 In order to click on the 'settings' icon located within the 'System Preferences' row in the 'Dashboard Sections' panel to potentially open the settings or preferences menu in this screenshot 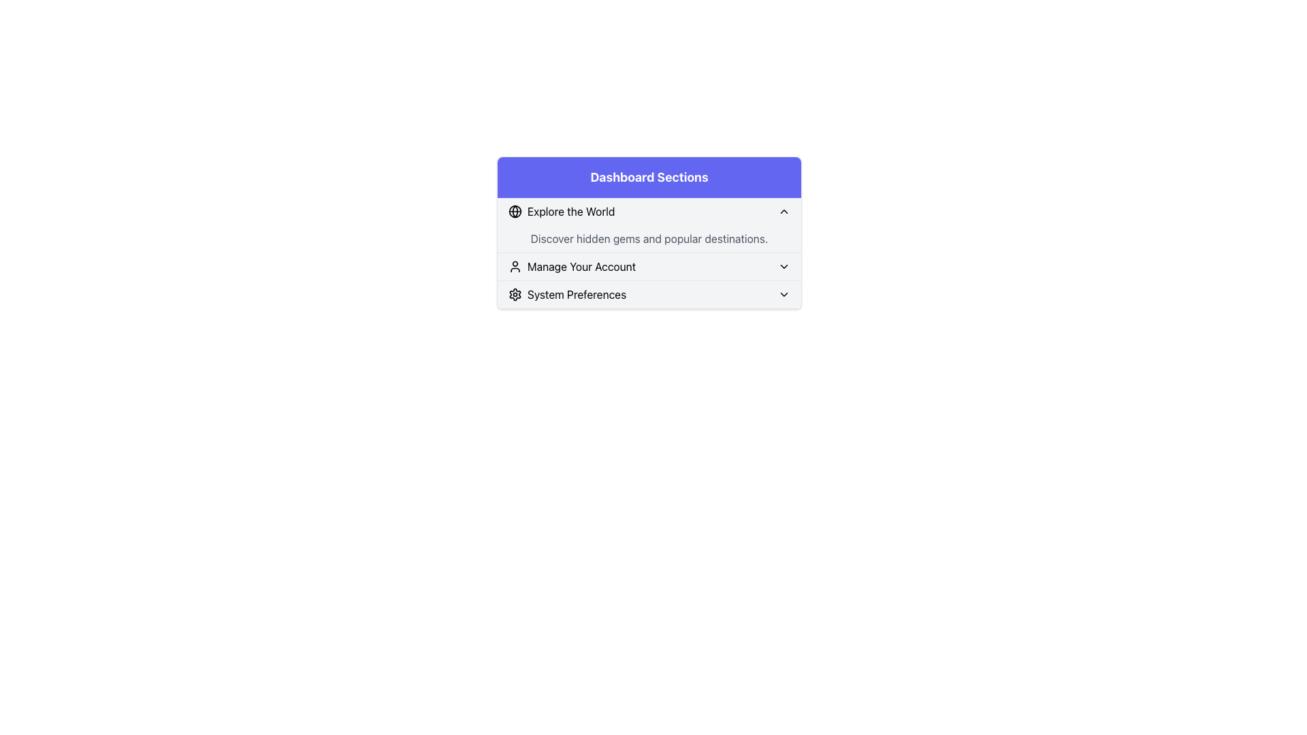, I will do `click(515, 293)`.